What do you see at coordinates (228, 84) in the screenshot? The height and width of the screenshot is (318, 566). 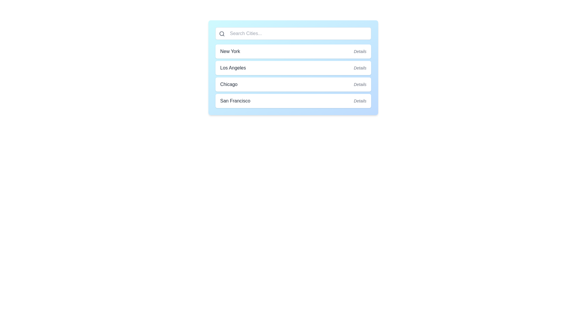 I see `text displayed in the 'Chicago' text label, which is the third entry in a list of selectable city names, located to the left of the 'Details' label` at bounding box center [228, 84].